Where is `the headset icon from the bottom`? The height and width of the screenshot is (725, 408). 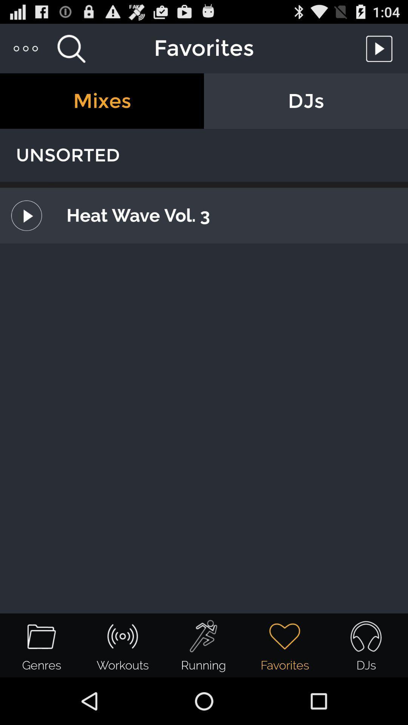
the headset icon from the bottom is located at coordinates (365, 636).